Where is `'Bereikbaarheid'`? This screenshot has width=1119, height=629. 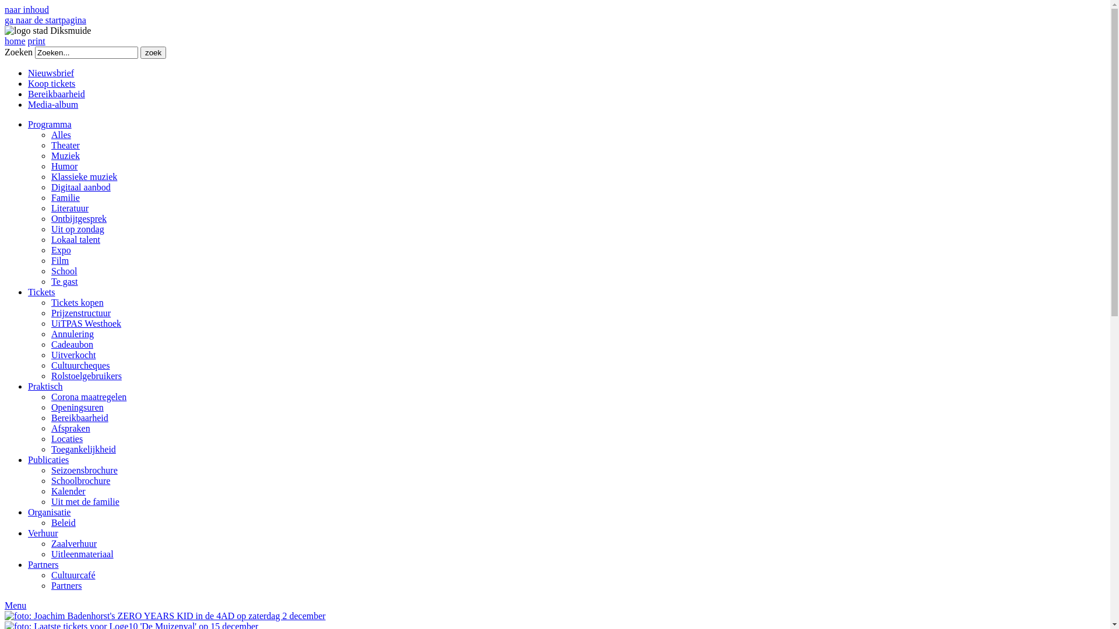 'Bereikbaarheid' is located at coordinates (55, 93).